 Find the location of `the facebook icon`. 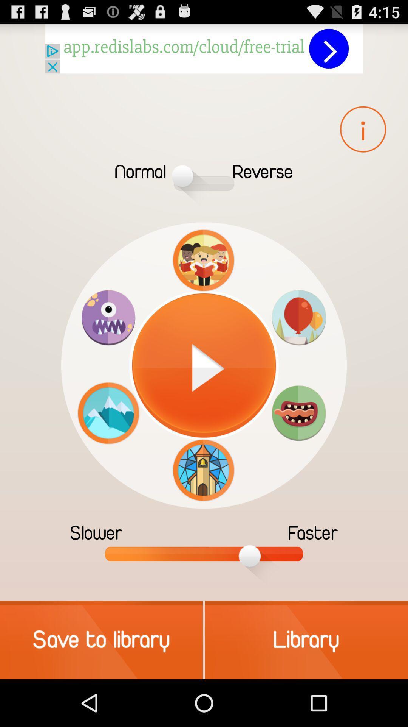

the facebook icon is located at coordinates (363, 138).